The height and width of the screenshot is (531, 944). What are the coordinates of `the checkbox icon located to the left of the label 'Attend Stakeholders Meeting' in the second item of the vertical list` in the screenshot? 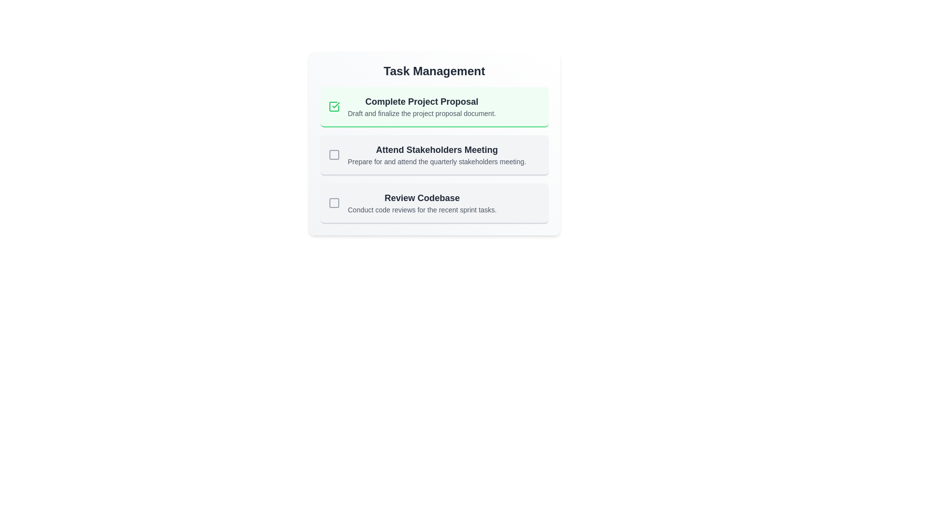 It's located at (334, 155).